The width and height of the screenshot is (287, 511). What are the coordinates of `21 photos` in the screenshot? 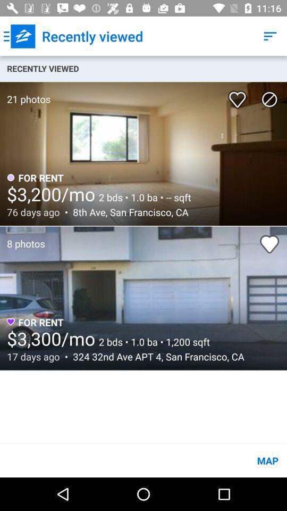 It's located at (25, 93).